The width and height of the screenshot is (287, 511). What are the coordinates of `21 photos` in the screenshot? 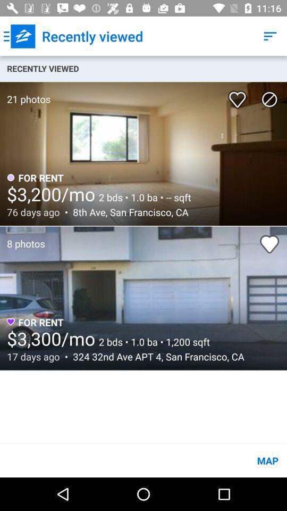 It's located at (25, 93).